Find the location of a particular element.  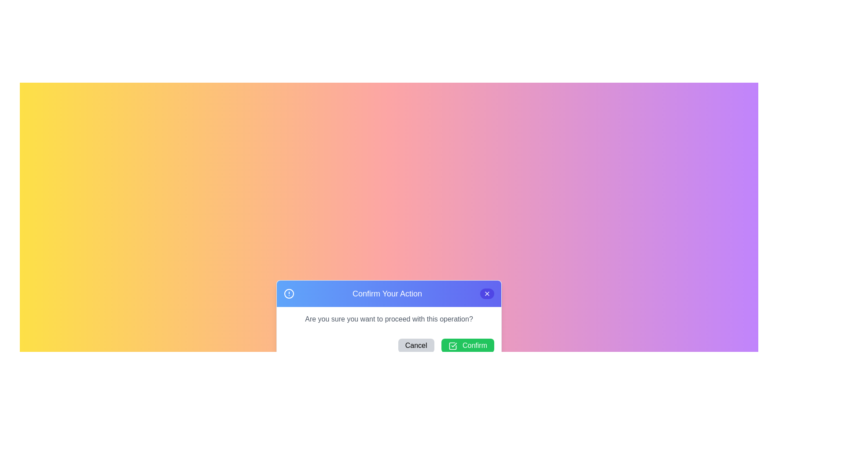

the 'Confirm' button which contains the green square icon with a checkmark, positioned on the bottom-right side of the dialog box is located at coordinates (452, 345).